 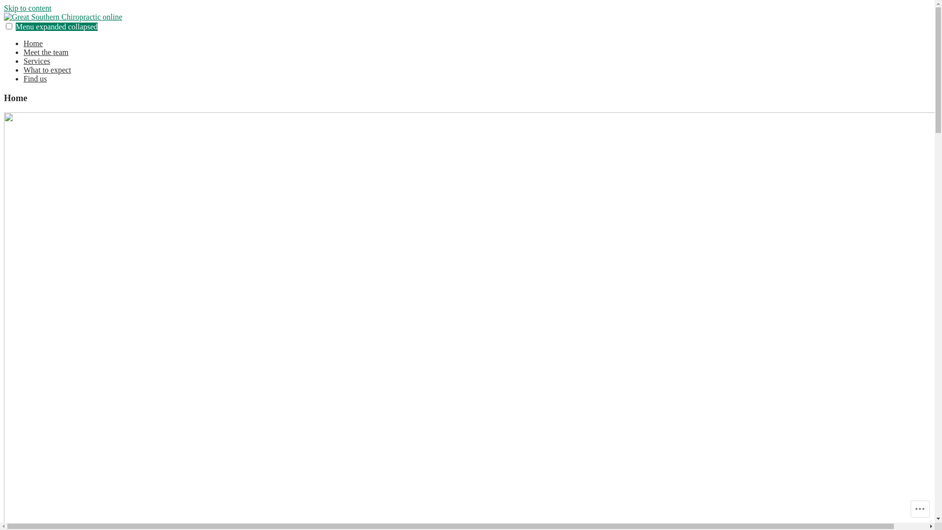 What do you see at coordinates (58, 33) in the screenshot?
I see `'Great Southern Chiropractic online'` at bounding box center [58, 33].